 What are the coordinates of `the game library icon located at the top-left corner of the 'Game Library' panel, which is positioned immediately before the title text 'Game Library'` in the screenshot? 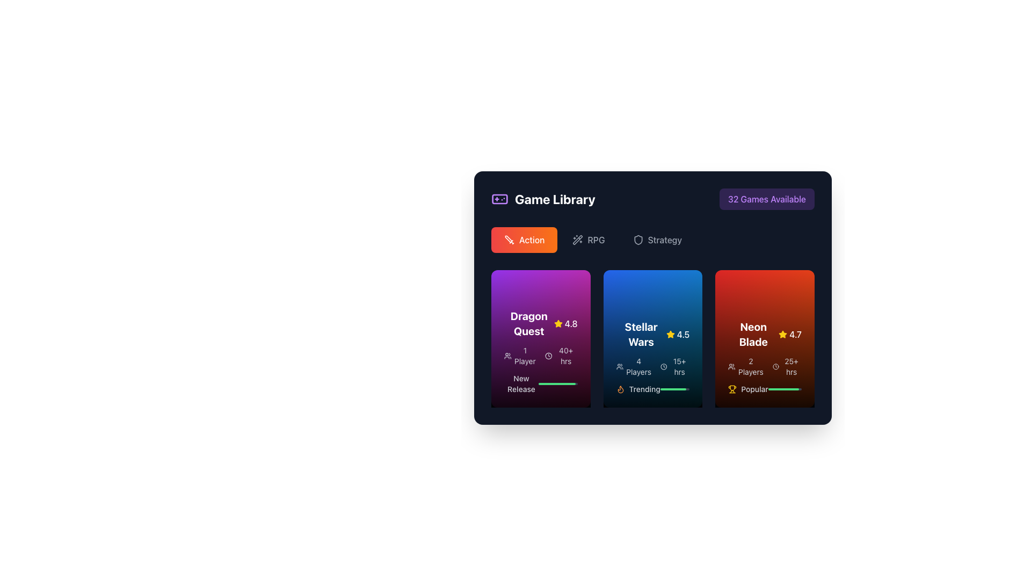 It's located at (499, 199).